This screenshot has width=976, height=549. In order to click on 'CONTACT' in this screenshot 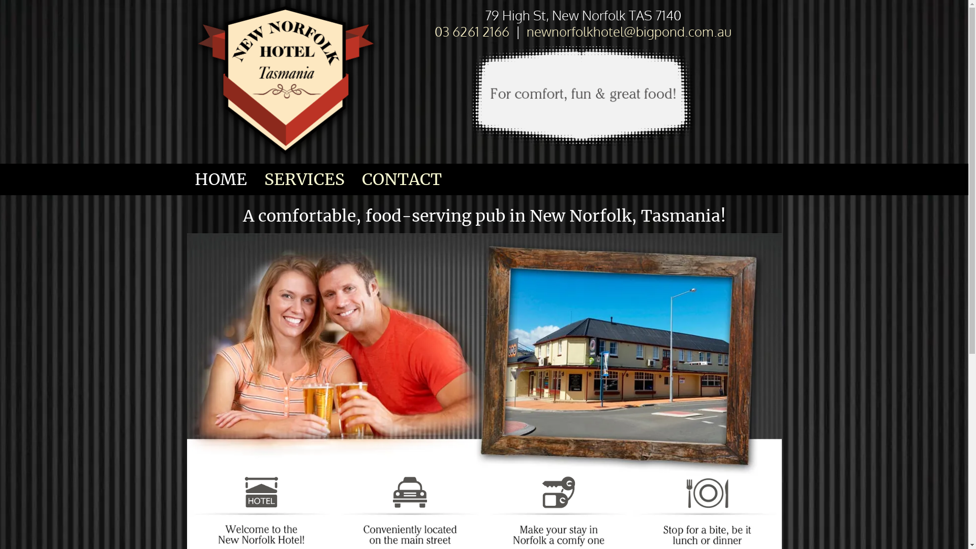, I will do `click(401, 179)`.